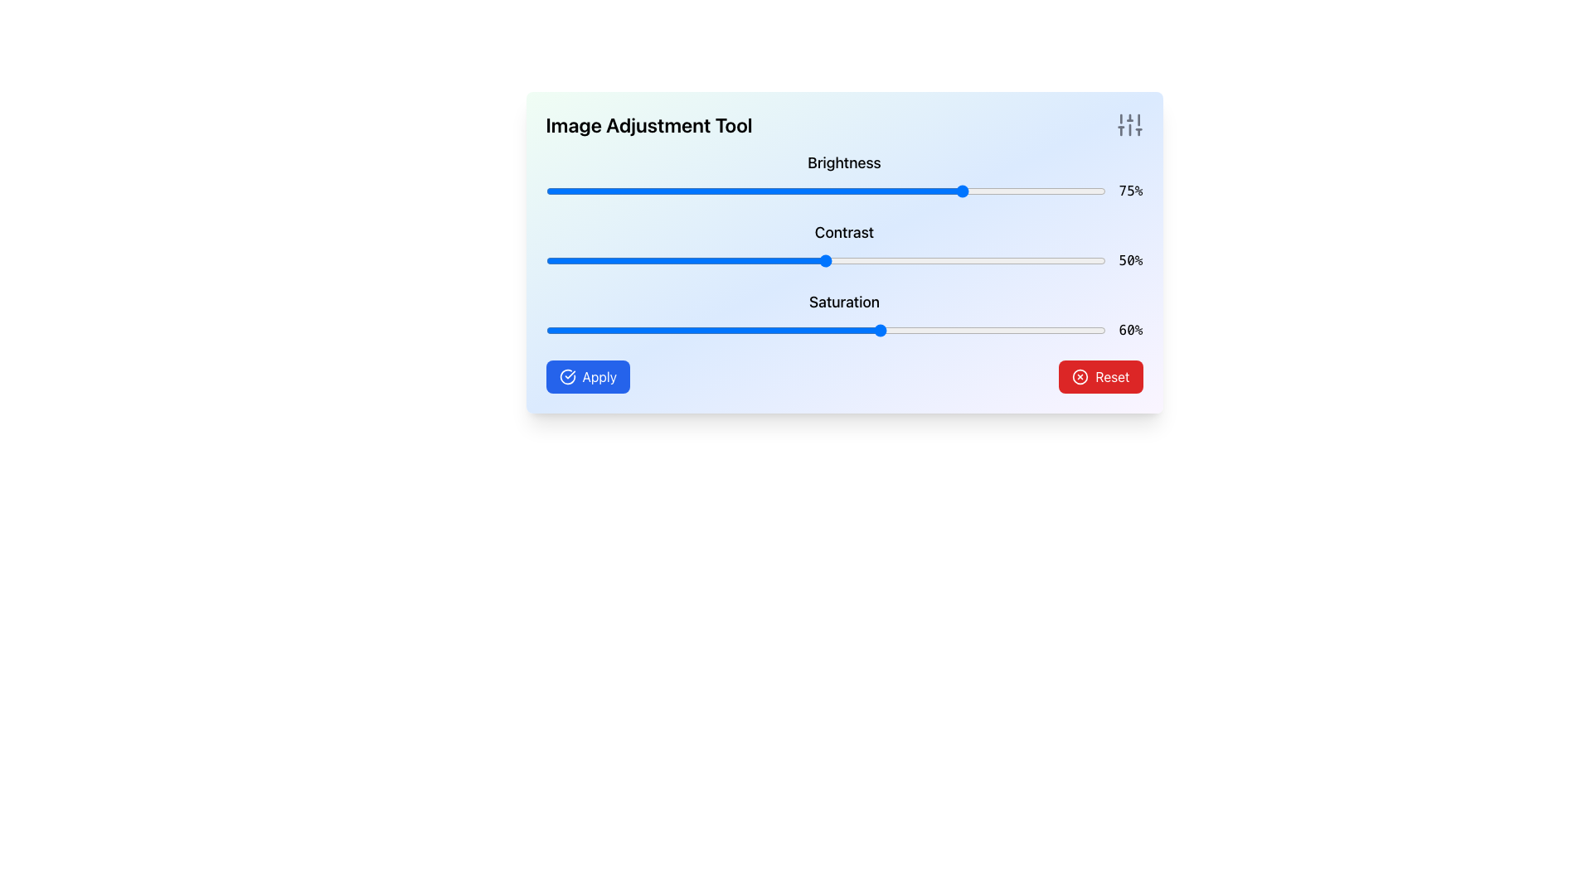 The image size is (1592, 895). I want to click on the text label displaying 'Brightness', which is centrally aligned at the top of the brightness settings section, so click(844, 162).